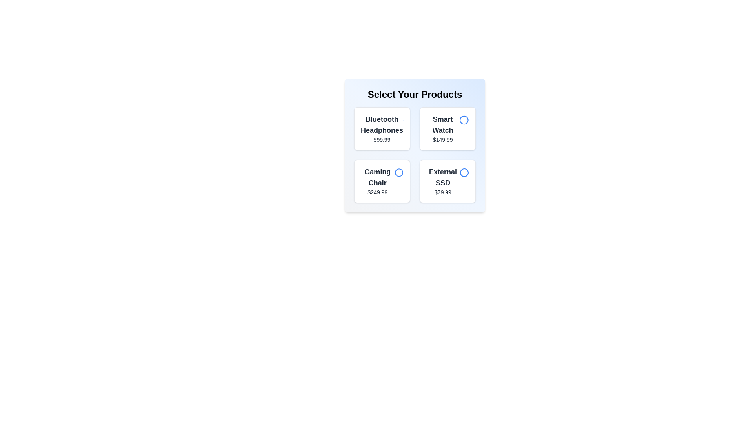 The height and width of the screenshot is (424, 753). What do you see at coordinates (382, 181) in the screenshot?
I see `the product card for Gaming Chair` at bounding box center [382, 181].